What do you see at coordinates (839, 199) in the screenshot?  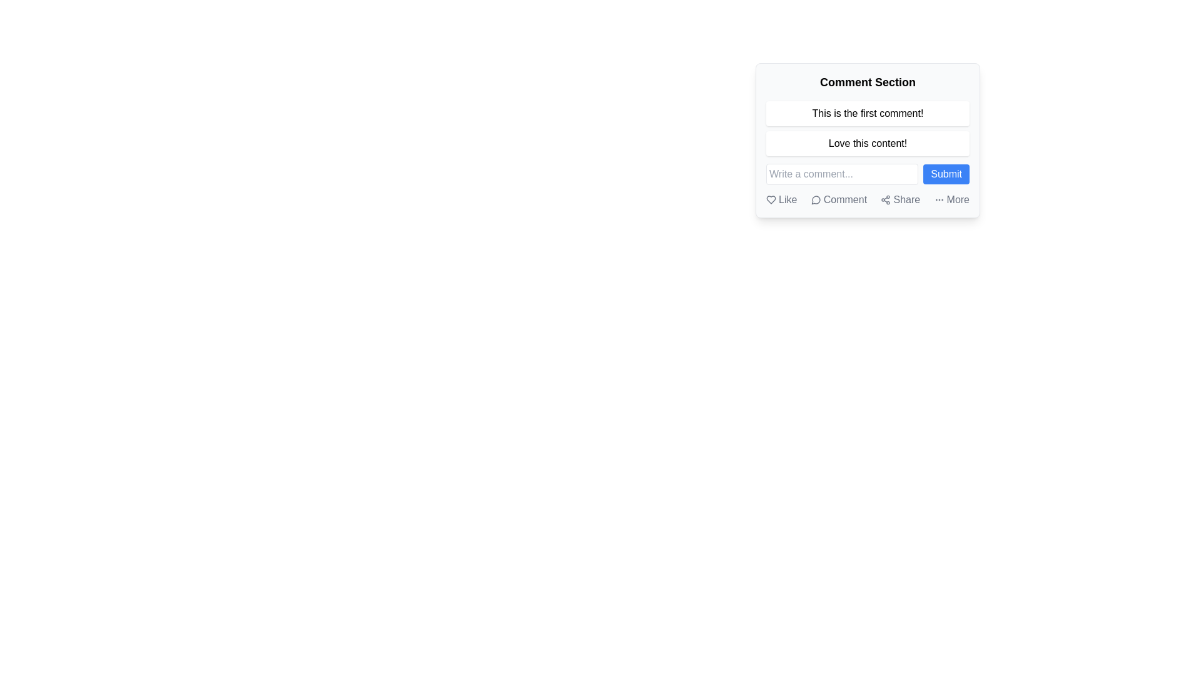 I see `the 'Comment' button, which features a speech bubble icon and is the second button in the menu bar` at bounding box center [839, 199].